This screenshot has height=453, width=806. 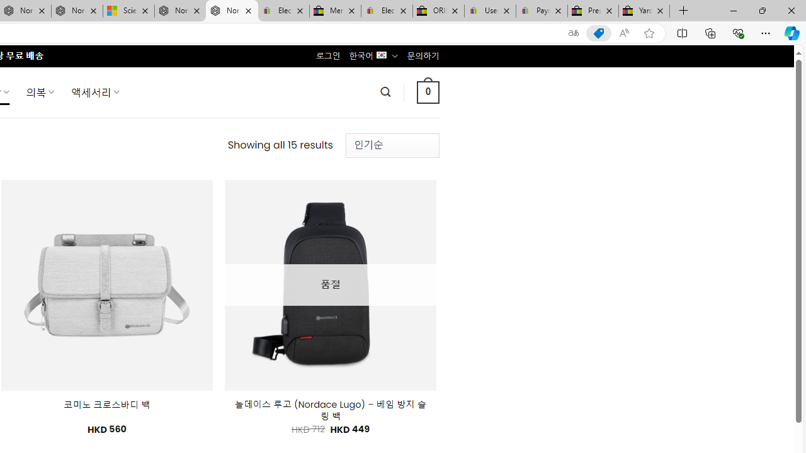 What do you see at coordinates (428, 91) in the screenshot?
I see `'  0  '` at bounding box center [428, 91].